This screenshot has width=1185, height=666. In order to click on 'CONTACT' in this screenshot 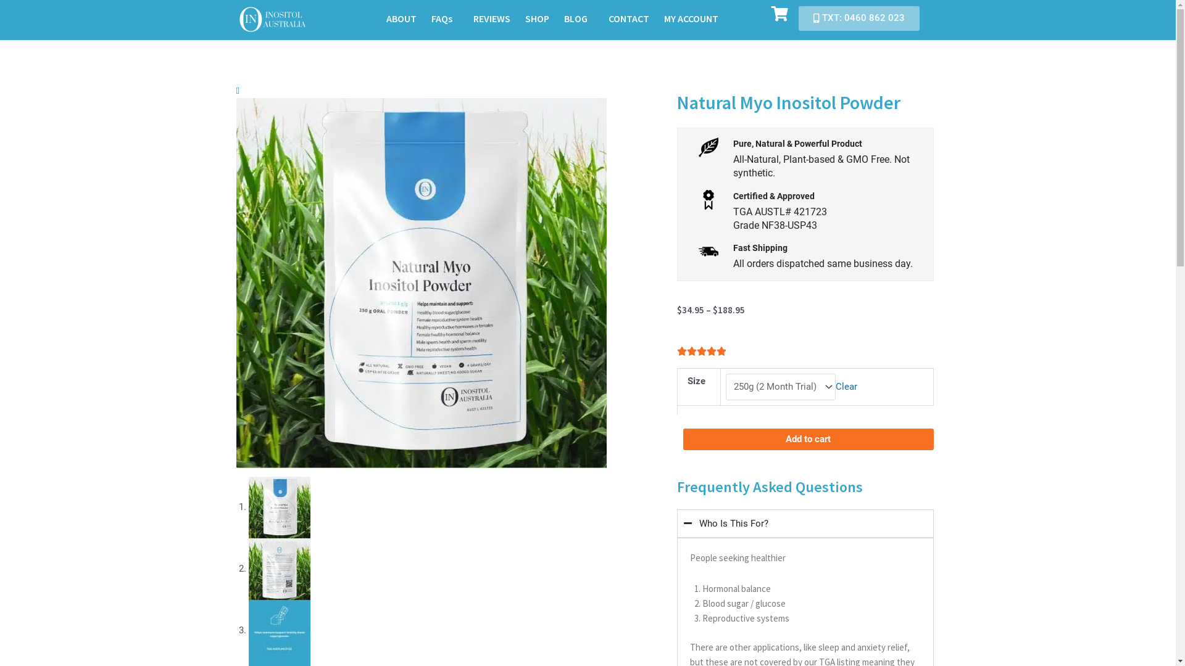, I will do `click(601, 18)`.